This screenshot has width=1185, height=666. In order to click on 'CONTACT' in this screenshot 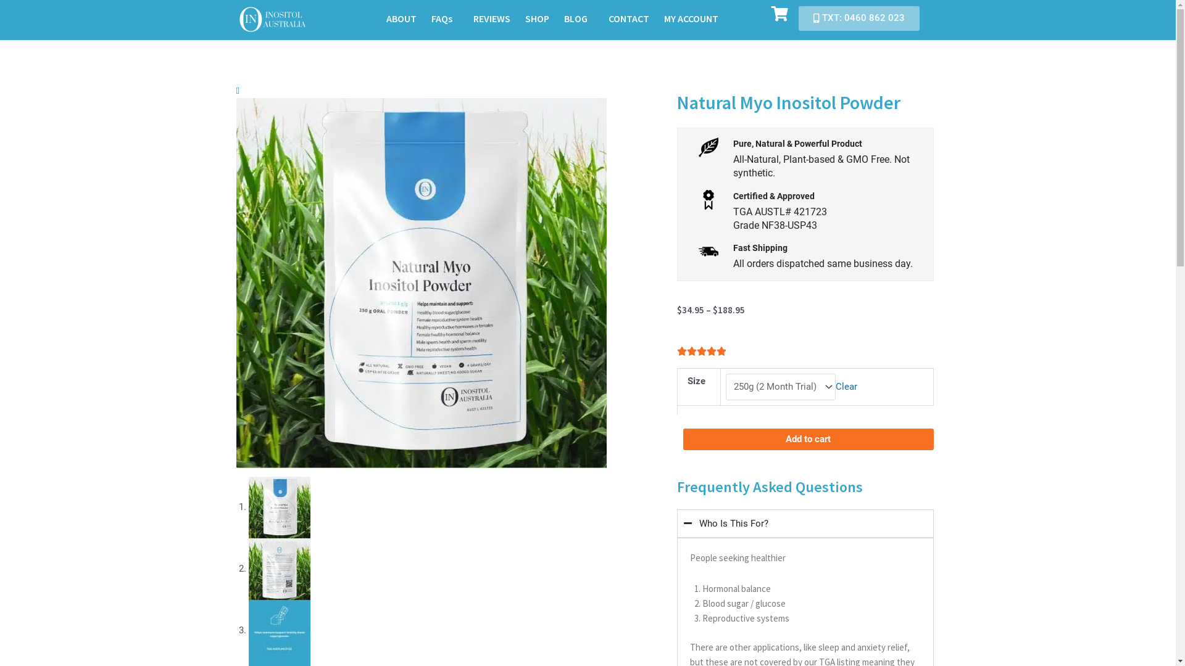, I will do `click(601, 18)`.